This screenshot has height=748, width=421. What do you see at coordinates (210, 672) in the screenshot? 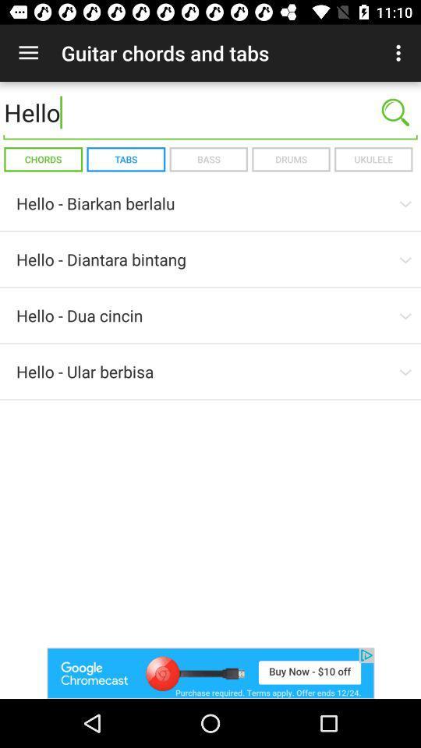
I see `google chromcast advertisement` at bounding box center [210, 672].